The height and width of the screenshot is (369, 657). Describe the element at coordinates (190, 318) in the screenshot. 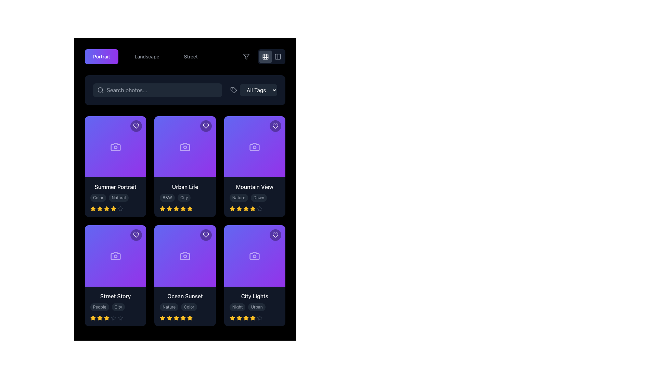

I see `the fifth star icon in the user rating section of the 'Ocean Sunset' card` at that location.